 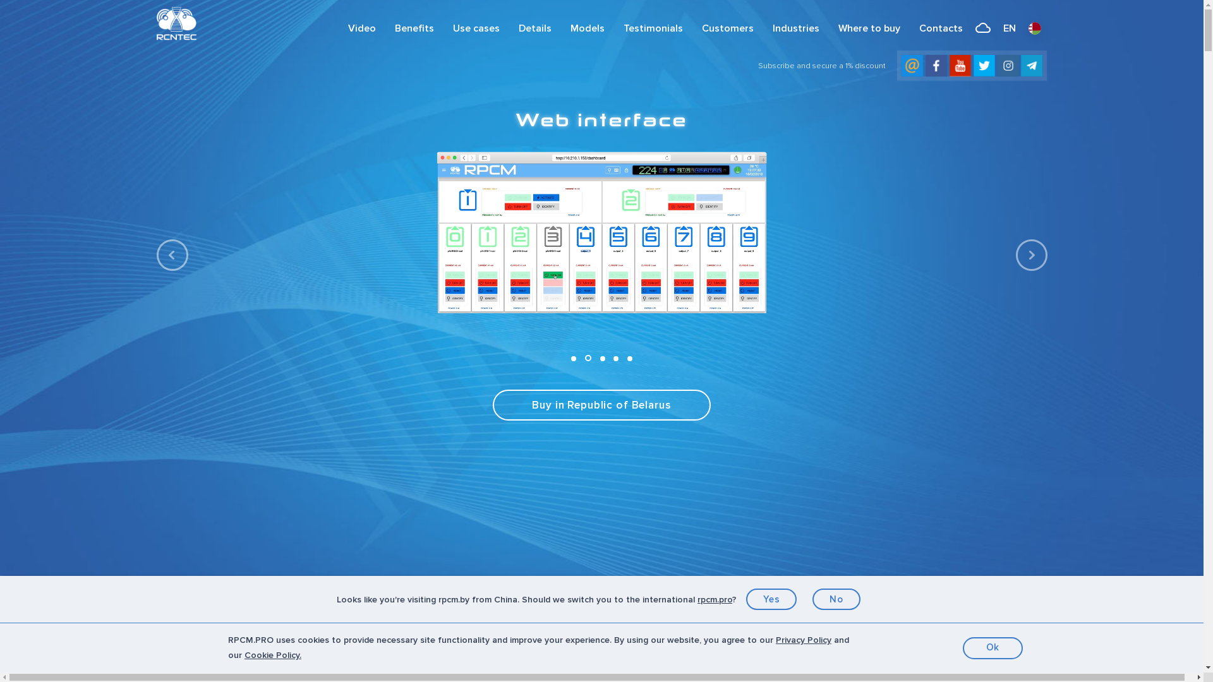 I want to click on 'Contacts', so click(x=941, y=28).